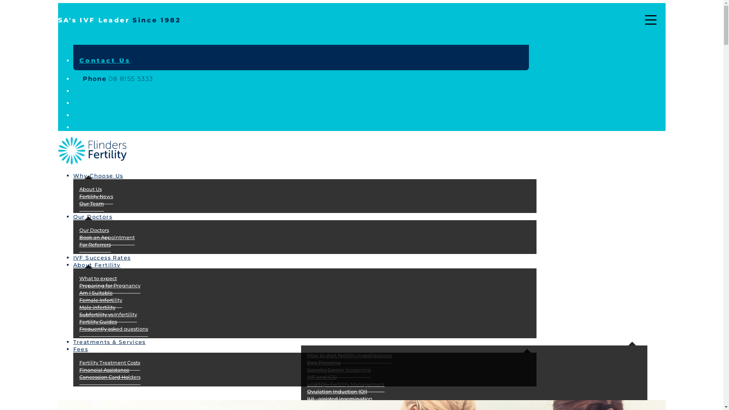  What do you see at coordinates (93, 230) in the screenshot?
I see `'Our Doctors'` at bounding box center [93, 230].